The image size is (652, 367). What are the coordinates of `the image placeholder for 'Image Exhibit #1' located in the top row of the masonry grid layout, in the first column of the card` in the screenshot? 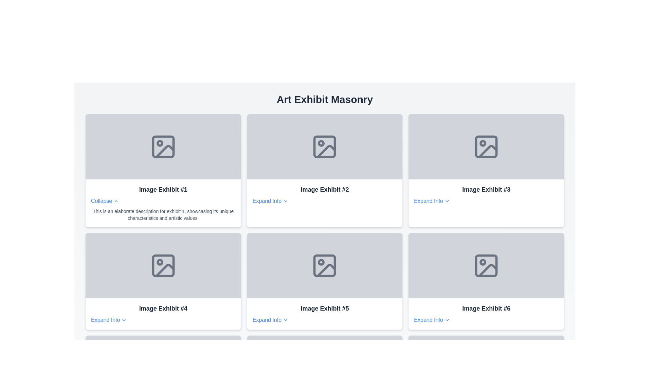 It's located at (163, 146).